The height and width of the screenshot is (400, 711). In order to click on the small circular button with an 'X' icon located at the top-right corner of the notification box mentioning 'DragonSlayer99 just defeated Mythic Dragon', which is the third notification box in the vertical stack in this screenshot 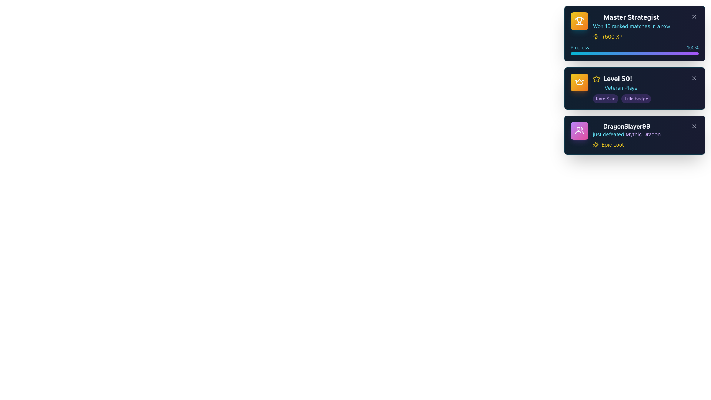, I will do `click(694, 126)`.